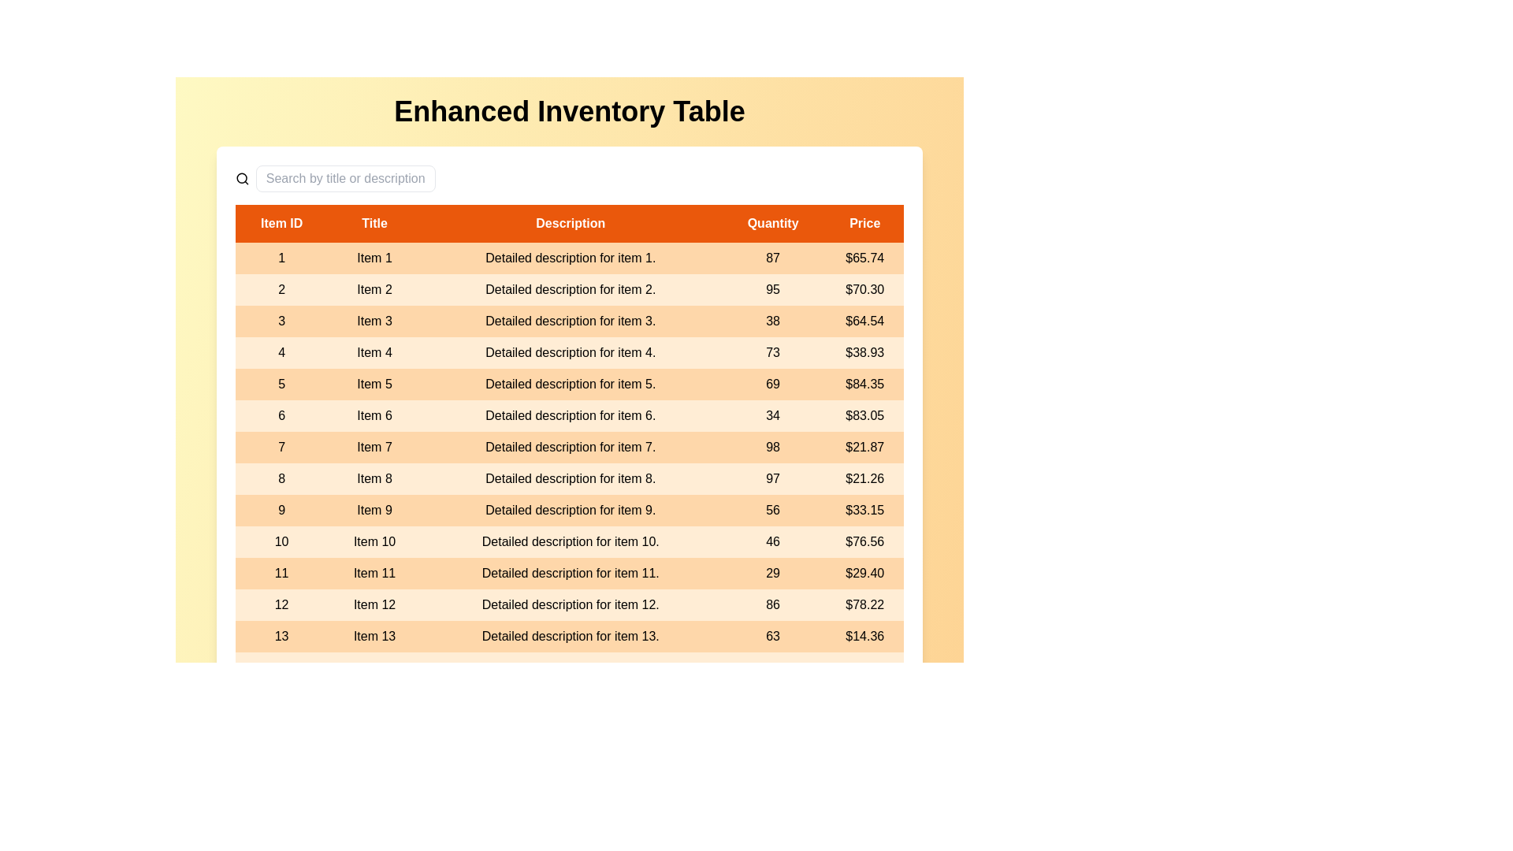 Image resolution: width=1513 pixels, height=851 pixels. What do you see at coordinates (773, 224) in the screenshot?
I see `the column header Quantity to view additional information` at bounding box center [773, 224].